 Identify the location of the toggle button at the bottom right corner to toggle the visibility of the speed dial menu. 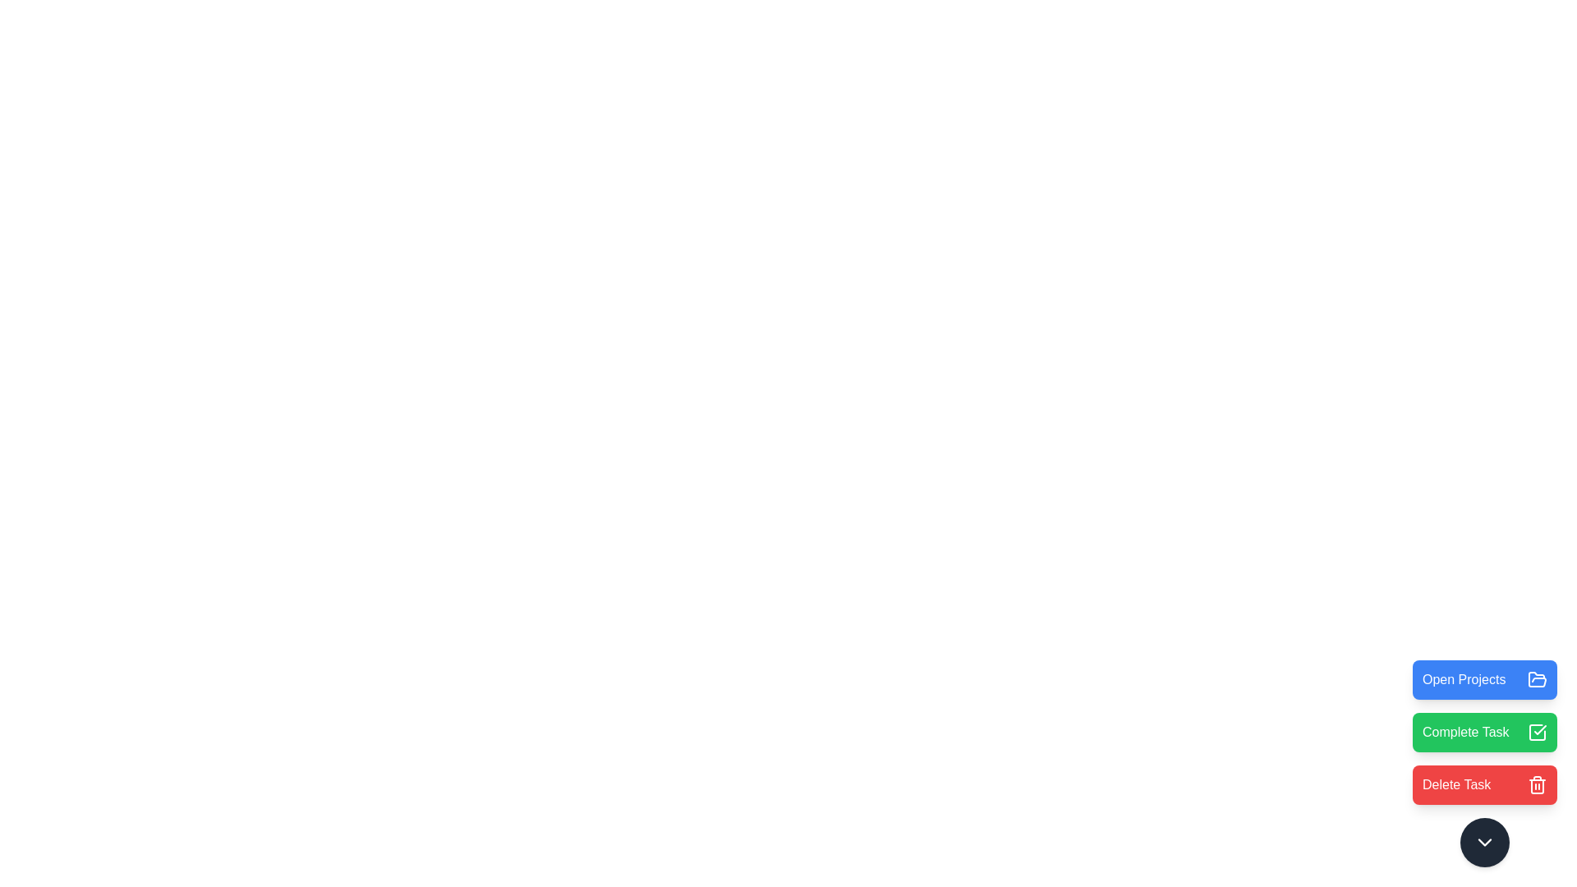
(1485, 843).